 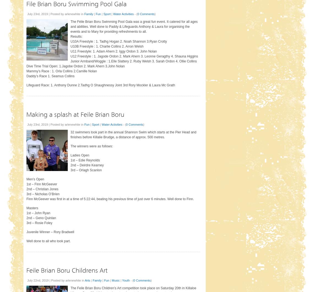 What do you see at coordinates (26, 76) in the screenshot?
I see `'Daddy’s Race 1. Seamus Collins'` at bounding box center [26, 76].